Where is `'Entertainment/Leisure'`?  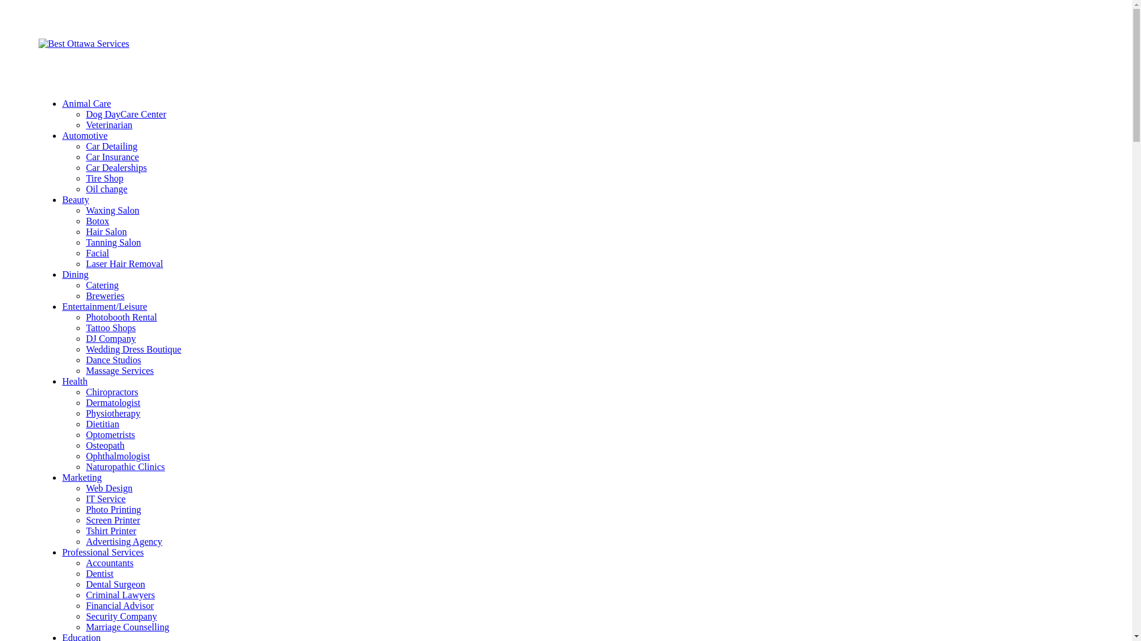
'Entertainment/Leisure' is located at coordinates (105, 306).